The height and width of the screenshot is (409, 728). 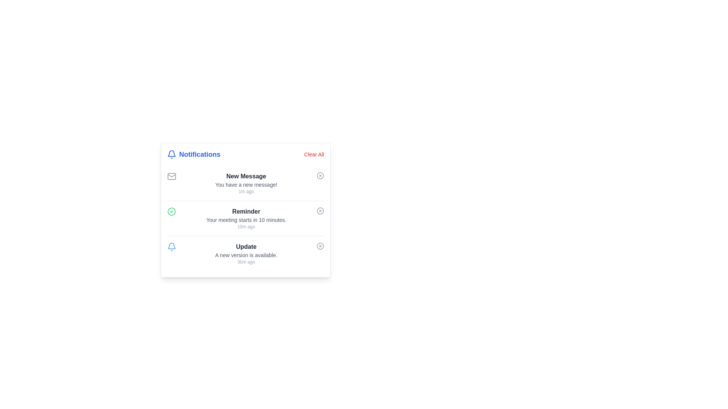 What do you see at coordinates (314, 154) in the screenshot?
I see `the 'Clear All' button to trigger the underline effect on the text` at bounding box center [314, 154].